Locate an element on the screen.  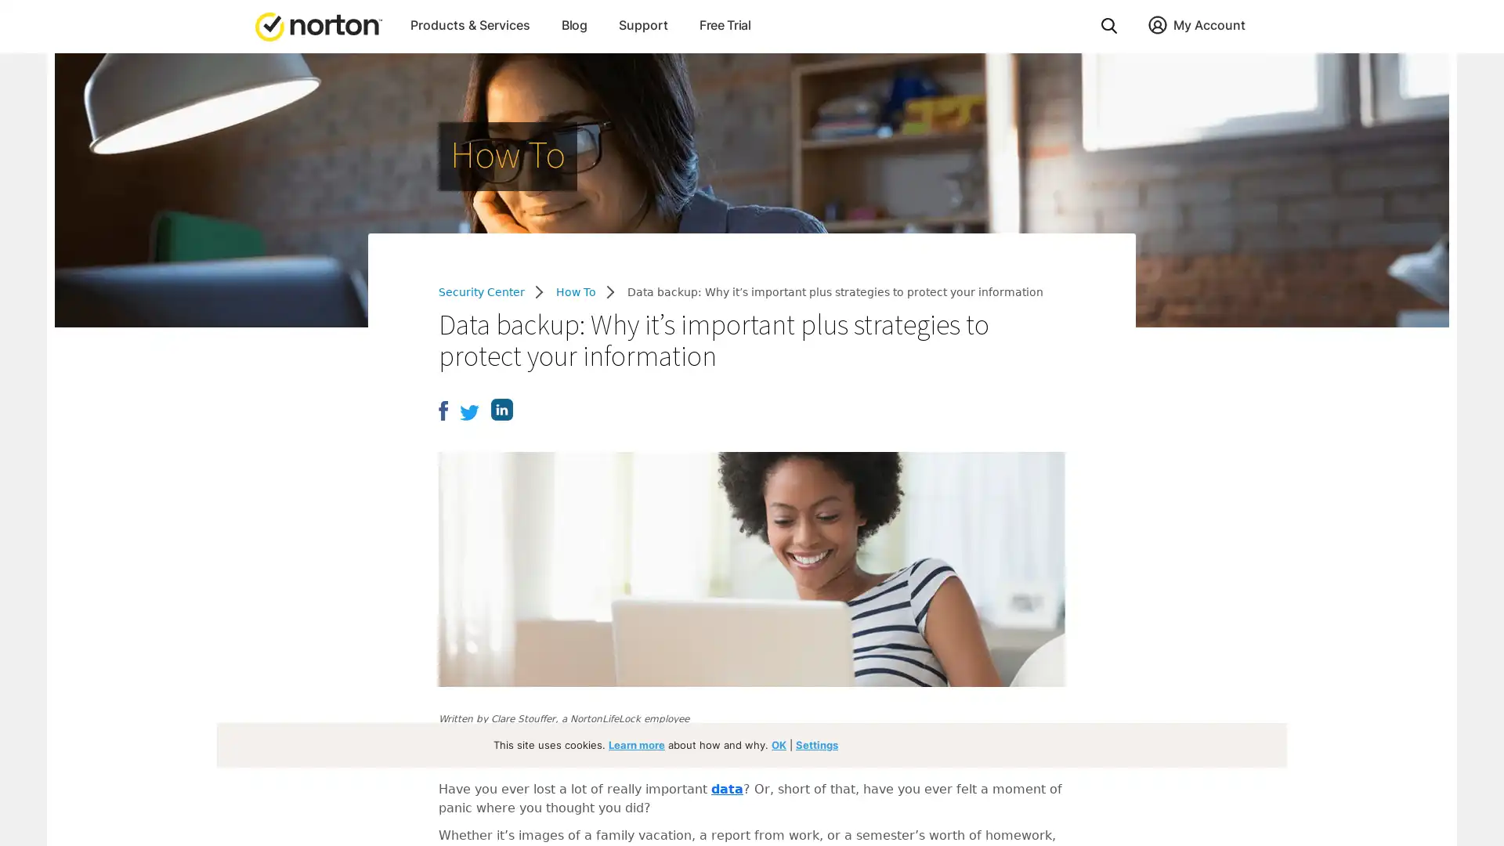
Close consent Widget is located at coordinates (1162, 728).